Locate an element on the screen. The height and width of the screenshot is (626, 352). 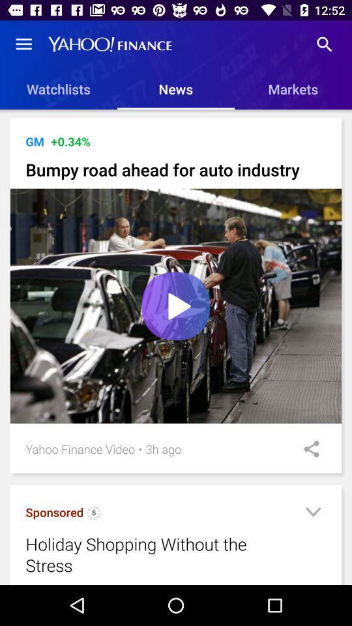
shows down icon is located at coordinates (312, 514).